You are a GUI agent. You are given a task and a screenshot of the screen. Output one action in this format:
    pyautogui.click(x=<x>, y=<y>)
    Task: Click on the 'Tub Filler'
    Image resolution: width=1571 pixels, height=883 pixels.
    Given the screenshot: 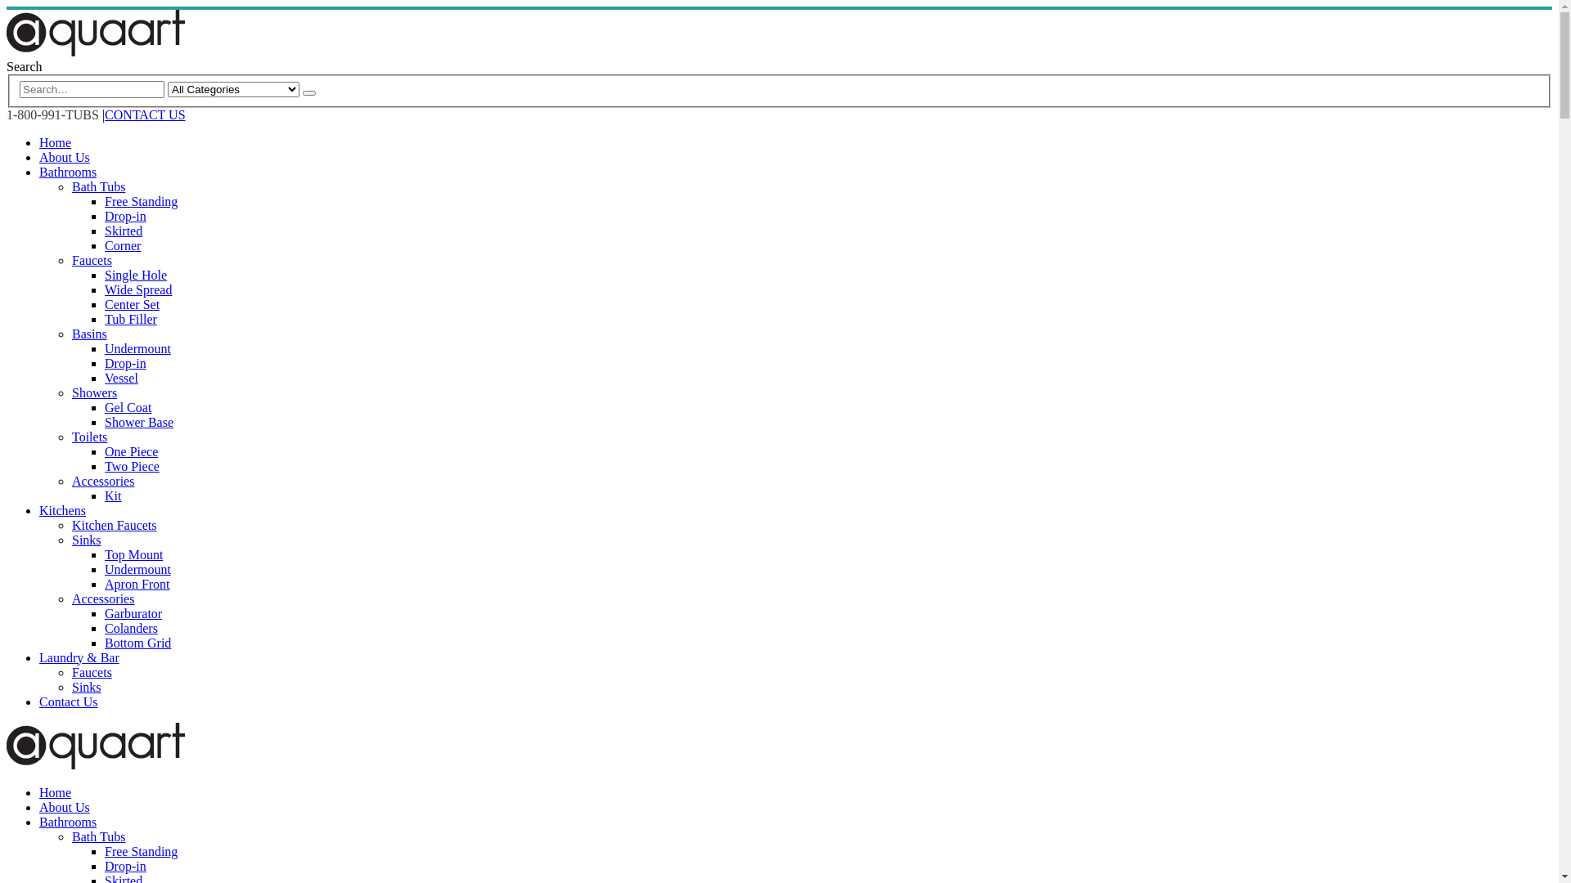 What is the action you would take?
    pyautogui.click(x=129, y=319)
    